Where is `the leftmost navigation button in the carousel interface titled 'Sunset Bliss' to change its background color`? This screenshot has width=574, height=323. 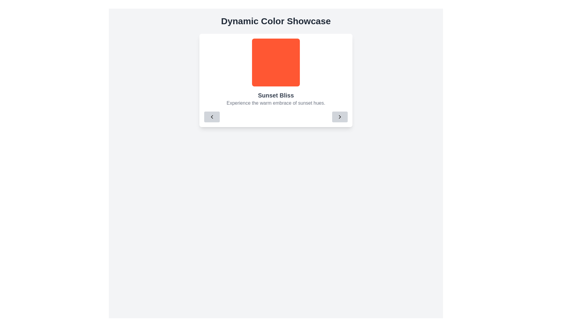 the leftmost navigation button in the carousel interface titled 'Sunset Bliss' to change its background color is located at coordinates (212, 117).